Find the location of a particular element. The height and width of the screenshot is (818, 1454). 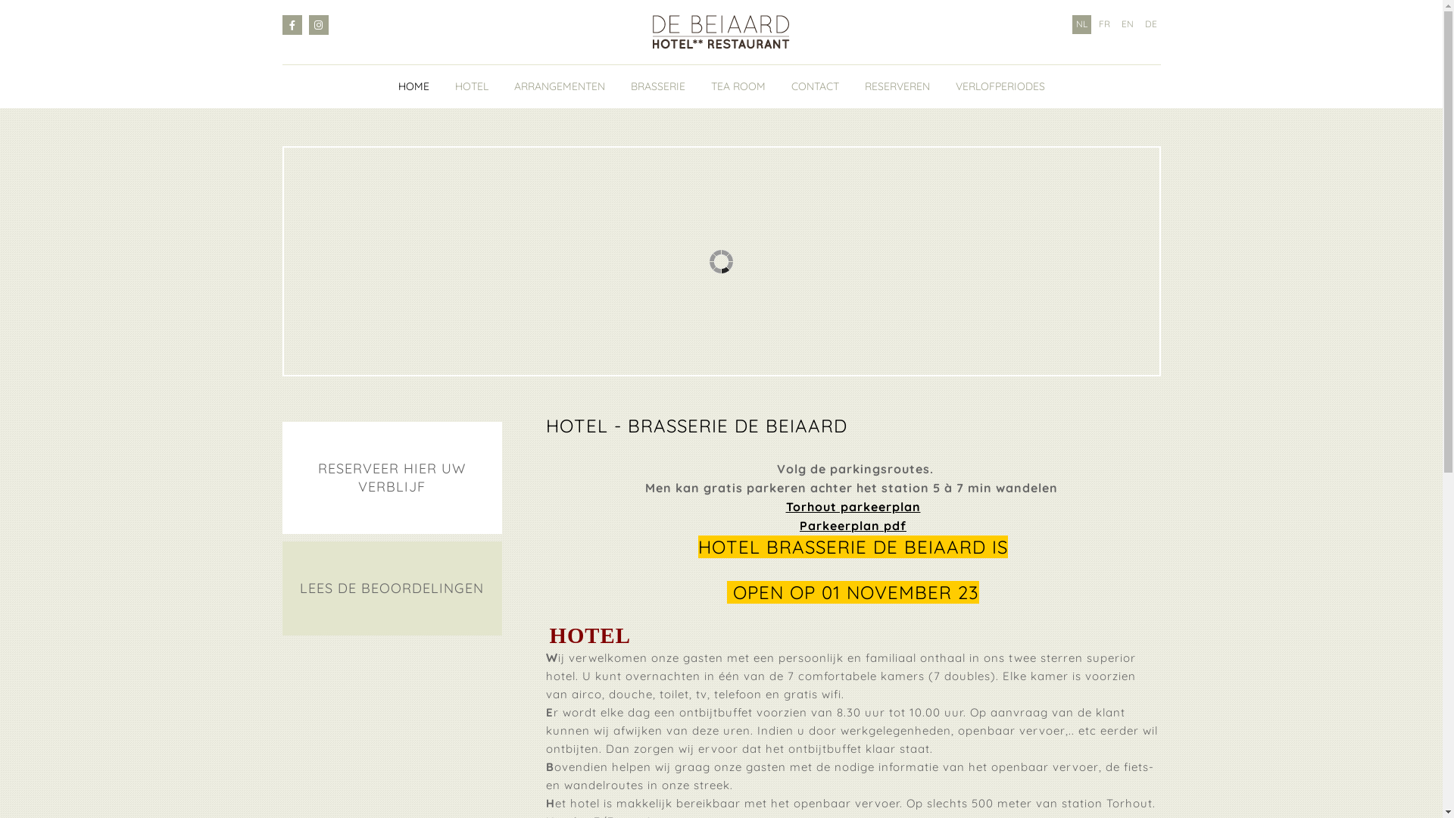

'RESERVEER HIER UW VERBLIJF' is located at coordinates (392, 478).